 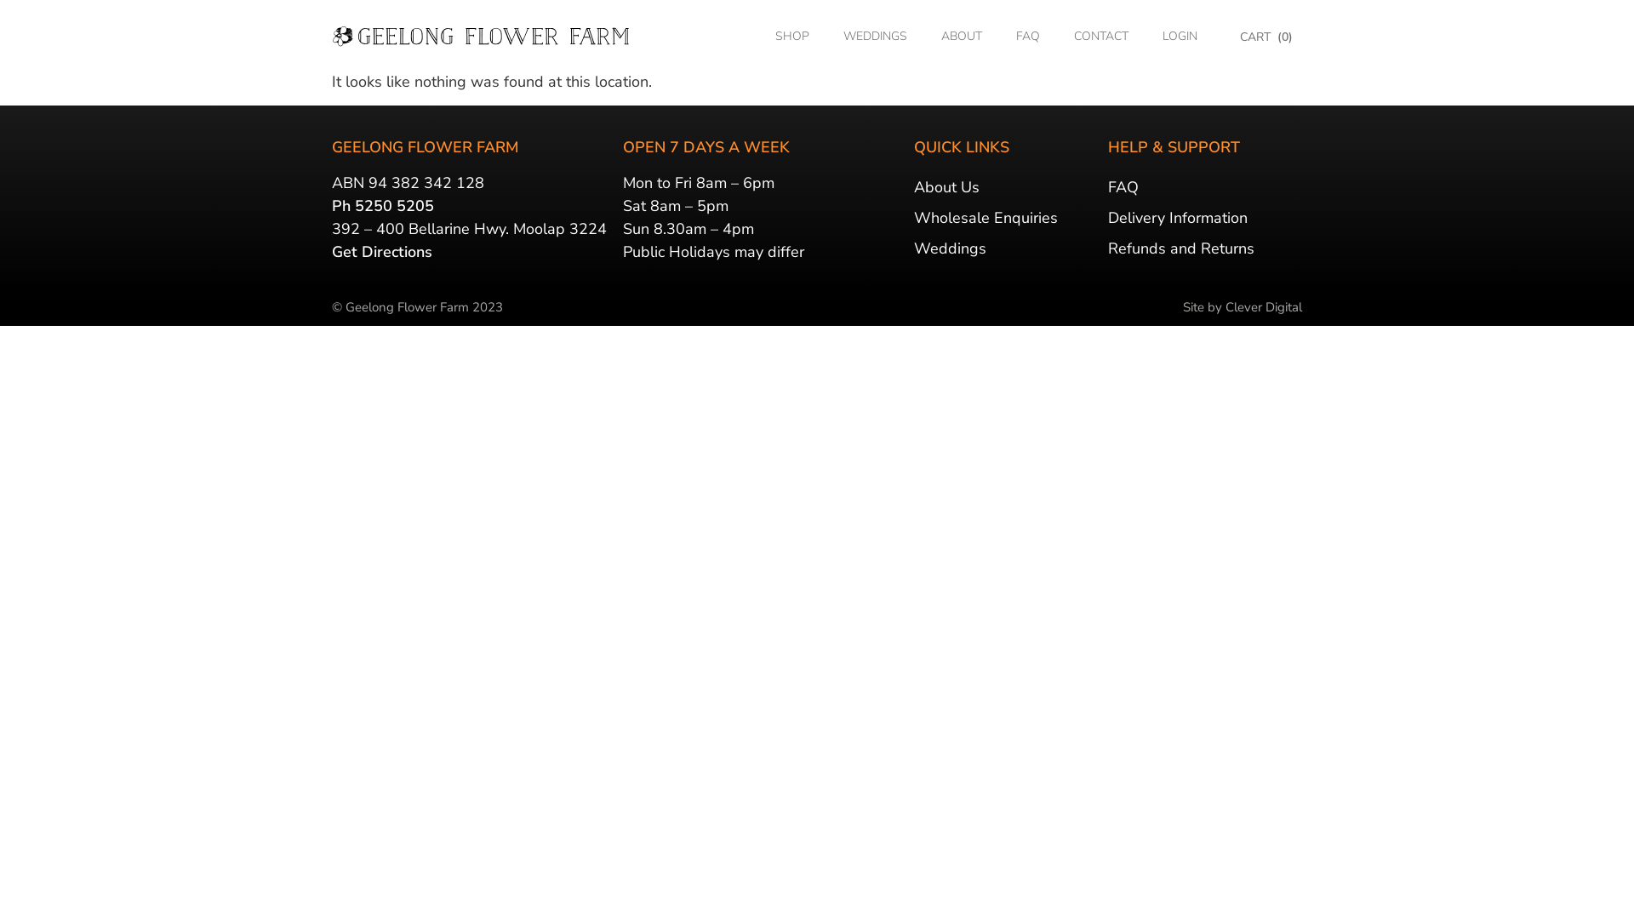 I want to click on 'Delivery Information', so click(x=1204, y=216).